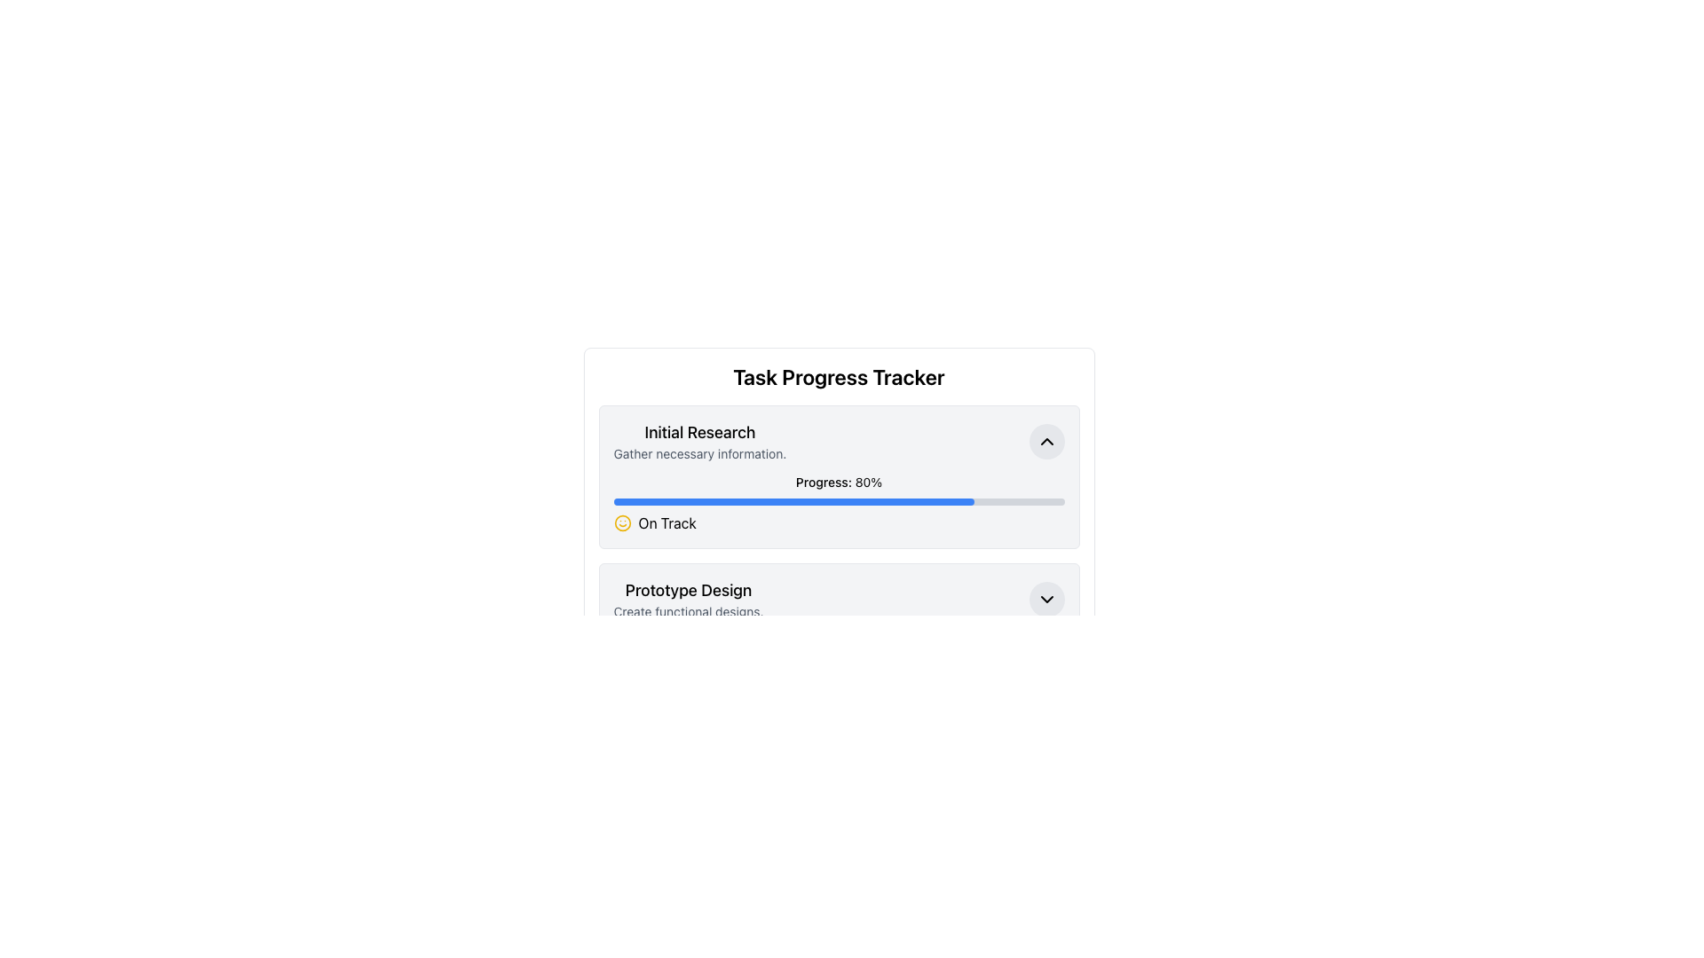 This screenshot has width=1704, height=958. Describe the element at coordinates (622, 522) in the screenshot. I see `the decorative icon indicating a positive status, located next to the 'On Track' text under the blue progress bar in the second task section` at that location.